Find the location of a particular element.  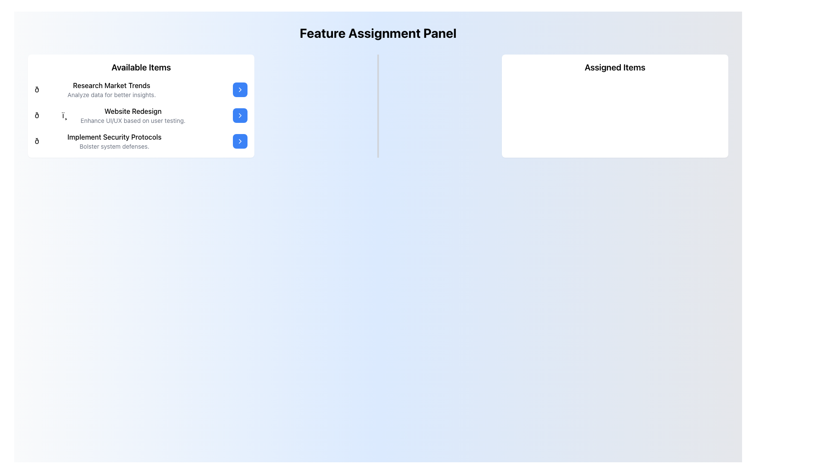

the right-facing chevron icon within the middle blue button in the first row of three buttons on the right side of the 'Available Items' panel is located at coordinates (240, 89).